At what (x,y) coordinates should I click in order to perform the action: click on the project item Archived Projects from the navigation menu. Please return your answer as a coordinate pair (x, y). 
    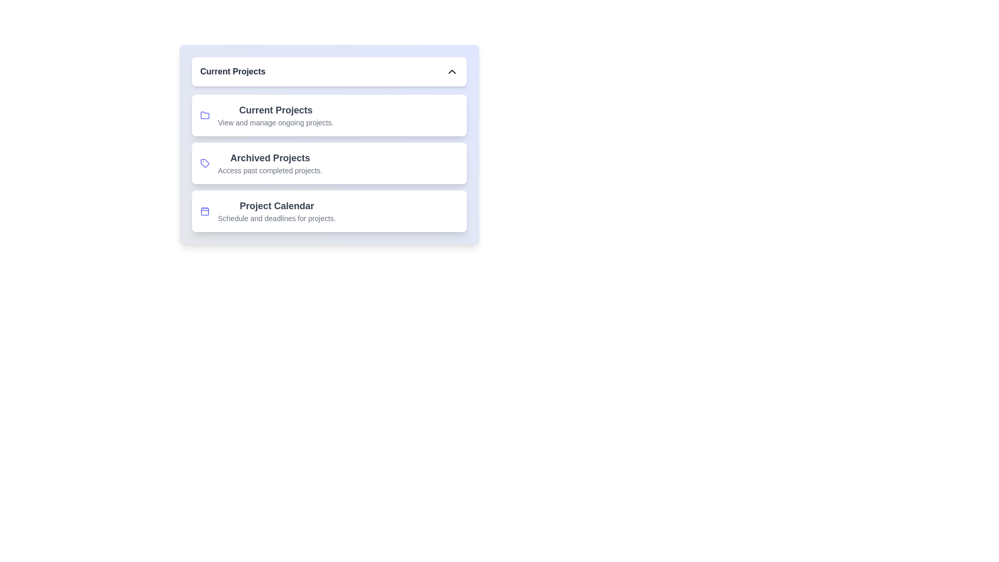
    Looking at the image, I should click on (329, 163).